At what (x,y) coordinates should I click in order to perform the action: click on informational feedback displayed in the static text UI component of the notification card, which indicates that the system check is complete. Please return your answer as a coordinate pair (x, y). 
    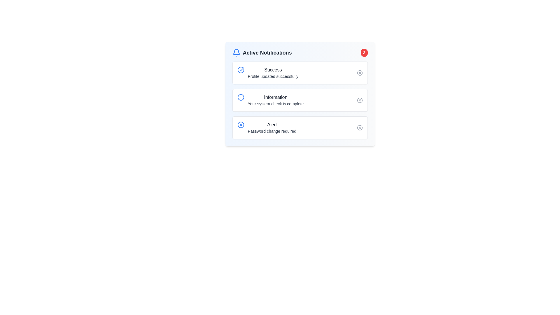
    Looking at the image, I should click on (275, 100).